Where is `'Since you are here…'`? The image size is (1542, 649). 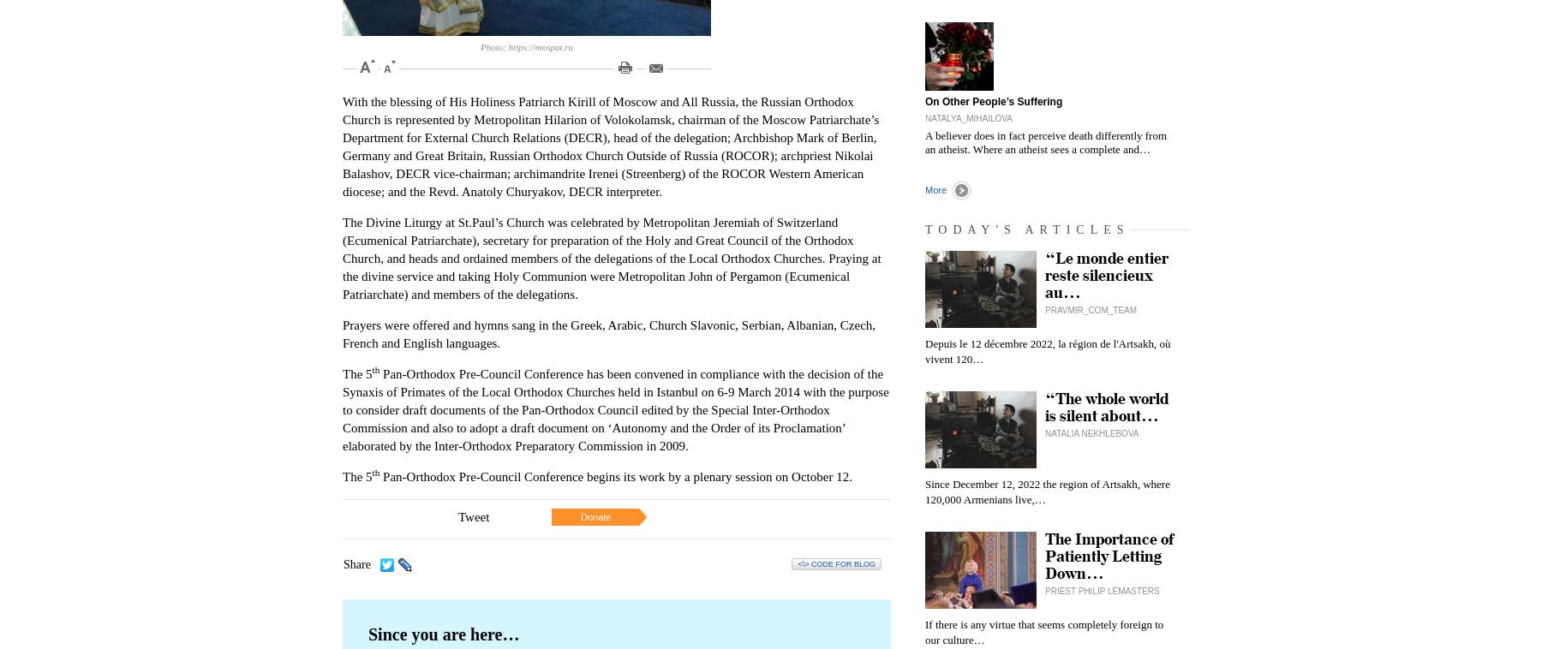
'Since you are here…' is located at coordinates (443, 634).